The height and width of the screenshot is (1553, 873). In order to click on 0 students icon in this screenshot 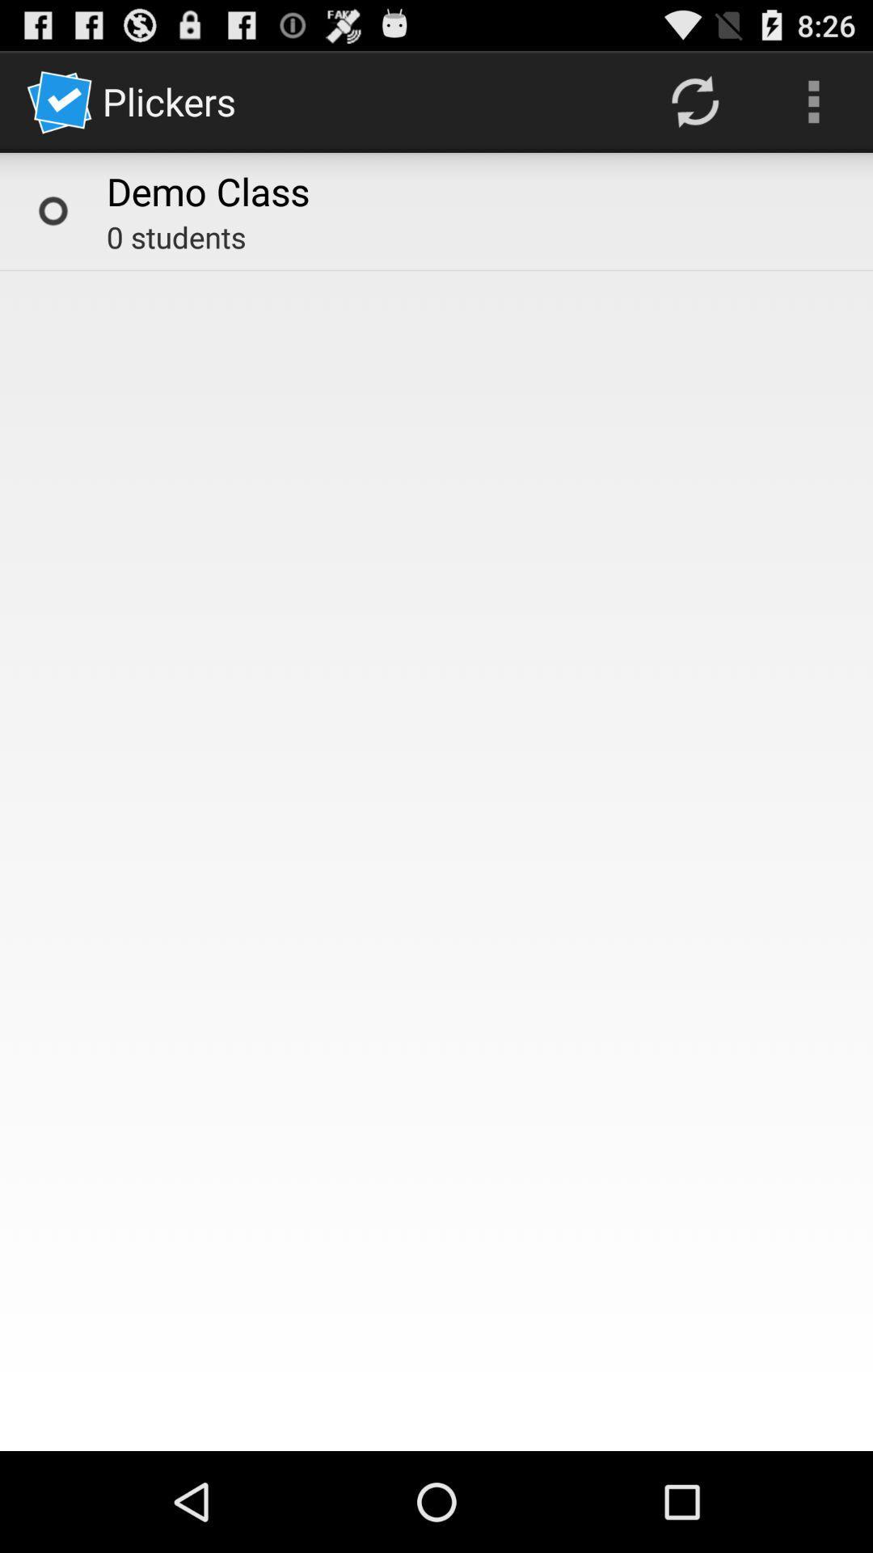, I will do `click(176, 236)`.